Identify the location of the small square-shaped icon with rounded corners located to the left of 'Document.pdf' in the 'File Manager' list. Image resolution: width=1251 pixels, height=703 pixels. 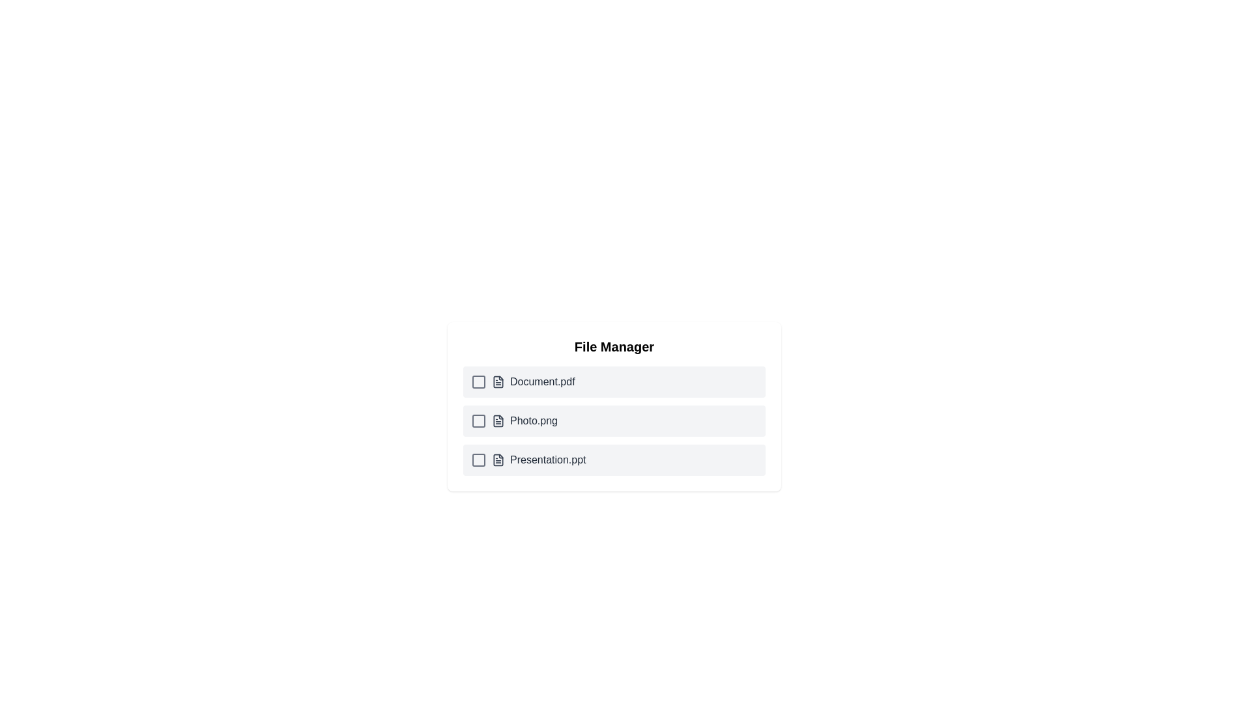
(478, 381).